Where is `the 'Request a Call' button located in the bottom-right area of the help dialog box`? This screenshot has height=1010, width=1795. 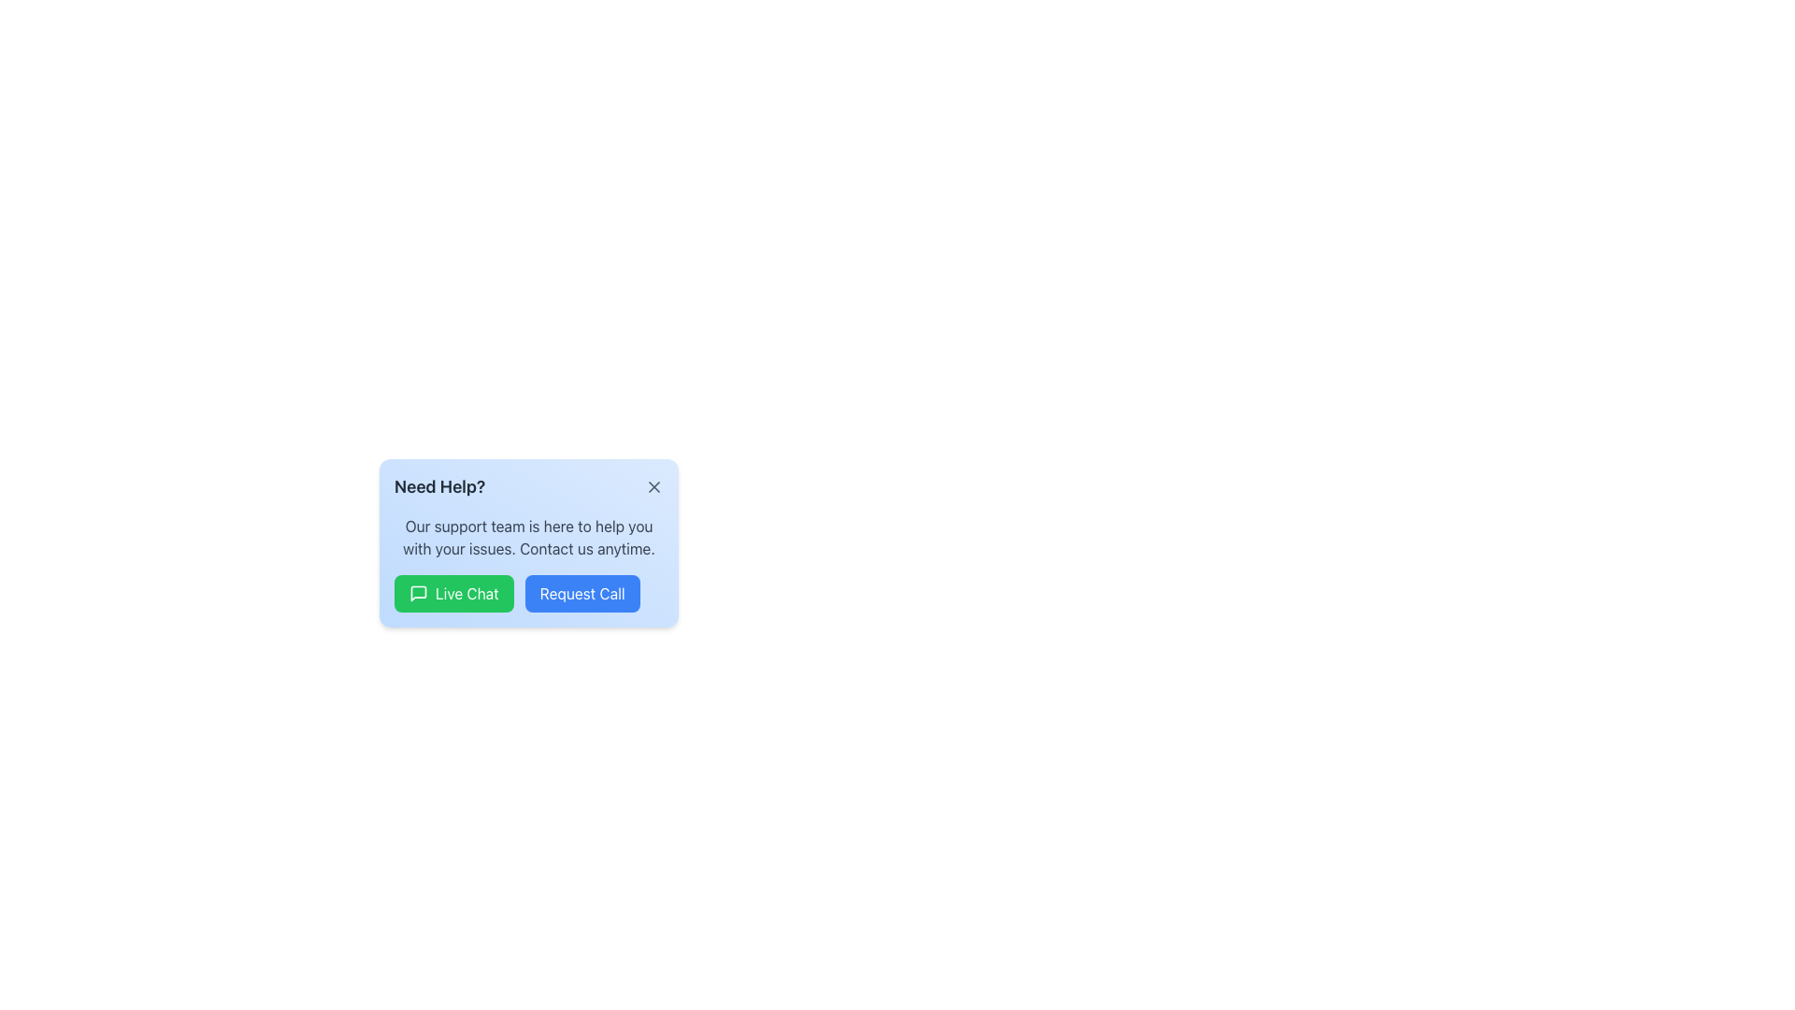
the 'Request a Call' button located in the bottom-right area of the help dialog box is located at coordinates (528, 594).